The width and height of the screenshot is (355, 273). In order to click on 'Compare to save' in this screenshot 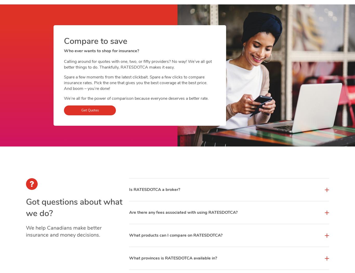, I will do `click(64, 41)`.